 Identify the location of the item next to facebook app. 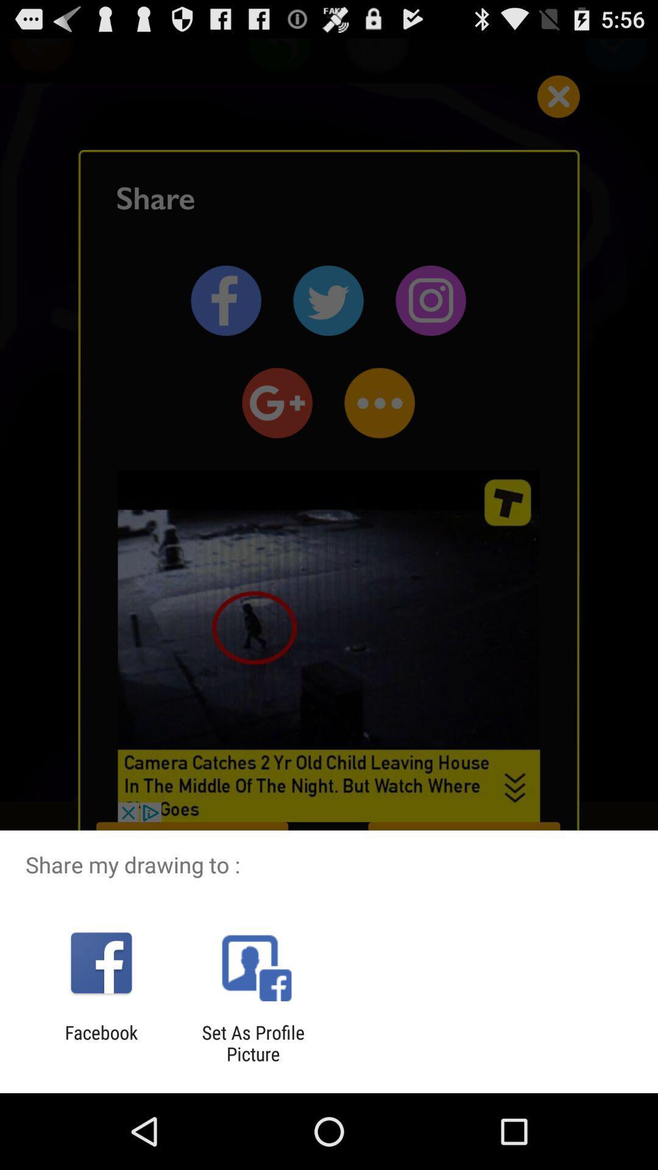
(252, 1043).